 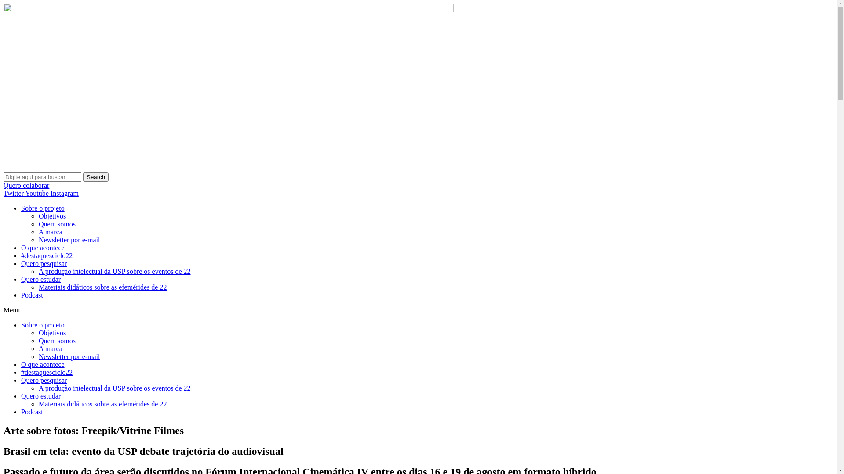 What do you see at coordinates (50, 348) in the screenshot?
I see `'A marca'` at bounding box center [50, 348].